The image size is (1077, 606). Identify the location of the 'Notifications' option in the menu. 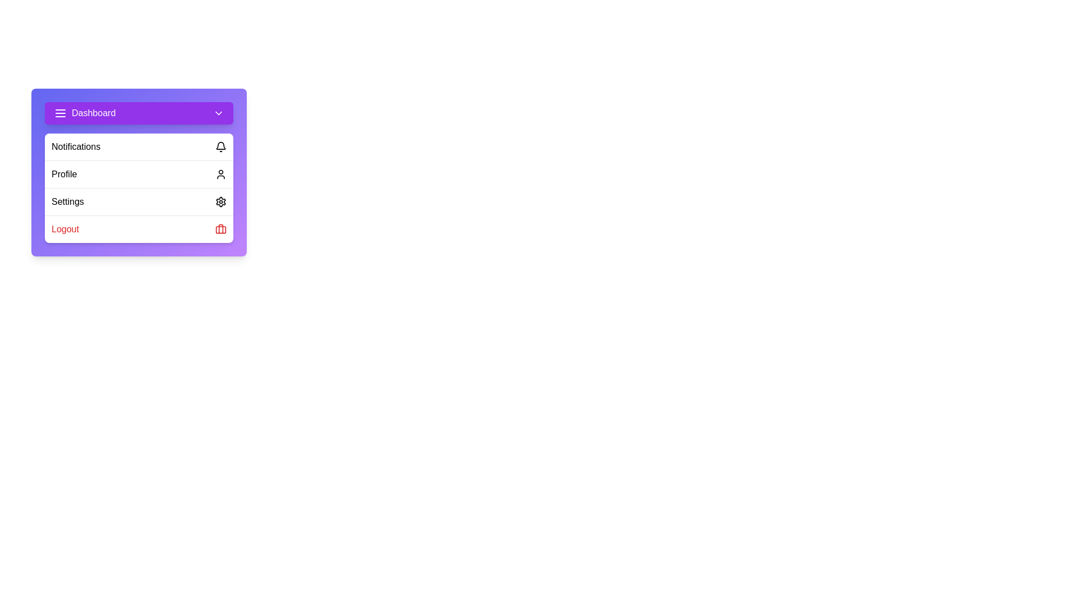
(139, 146).